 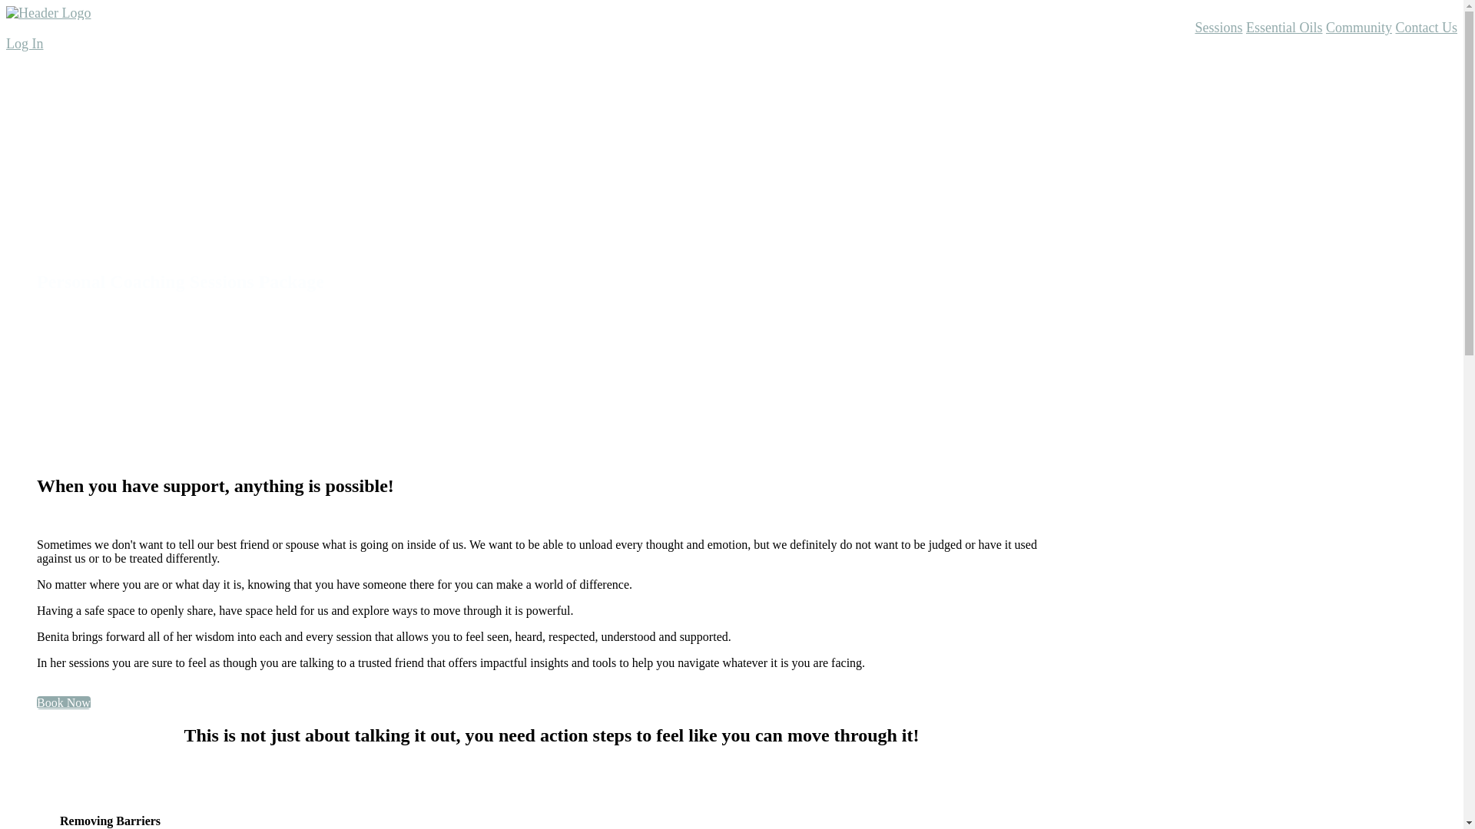 What do you see at coordinates (1246, 27) in the screenshot?
I see `'Essential Oils'` at bounding box center [1246, 27].